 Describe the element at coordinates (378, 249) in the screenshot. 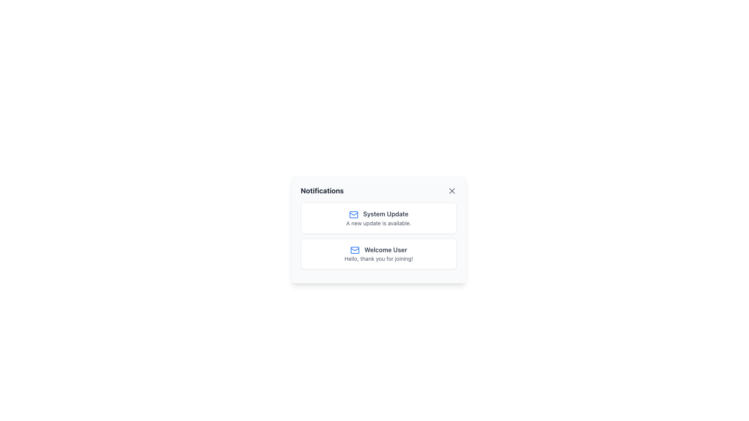

I see `the greeting text located in the bottom section of the notification card that reads 'Hello, thank you for joining!'` at that location.